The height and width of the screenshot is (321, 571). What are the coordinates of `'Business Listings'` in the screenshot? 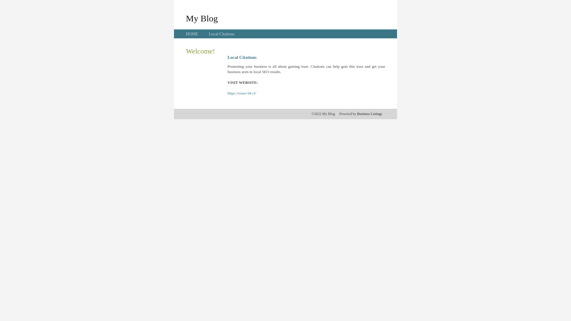 It's located at (369, 114).